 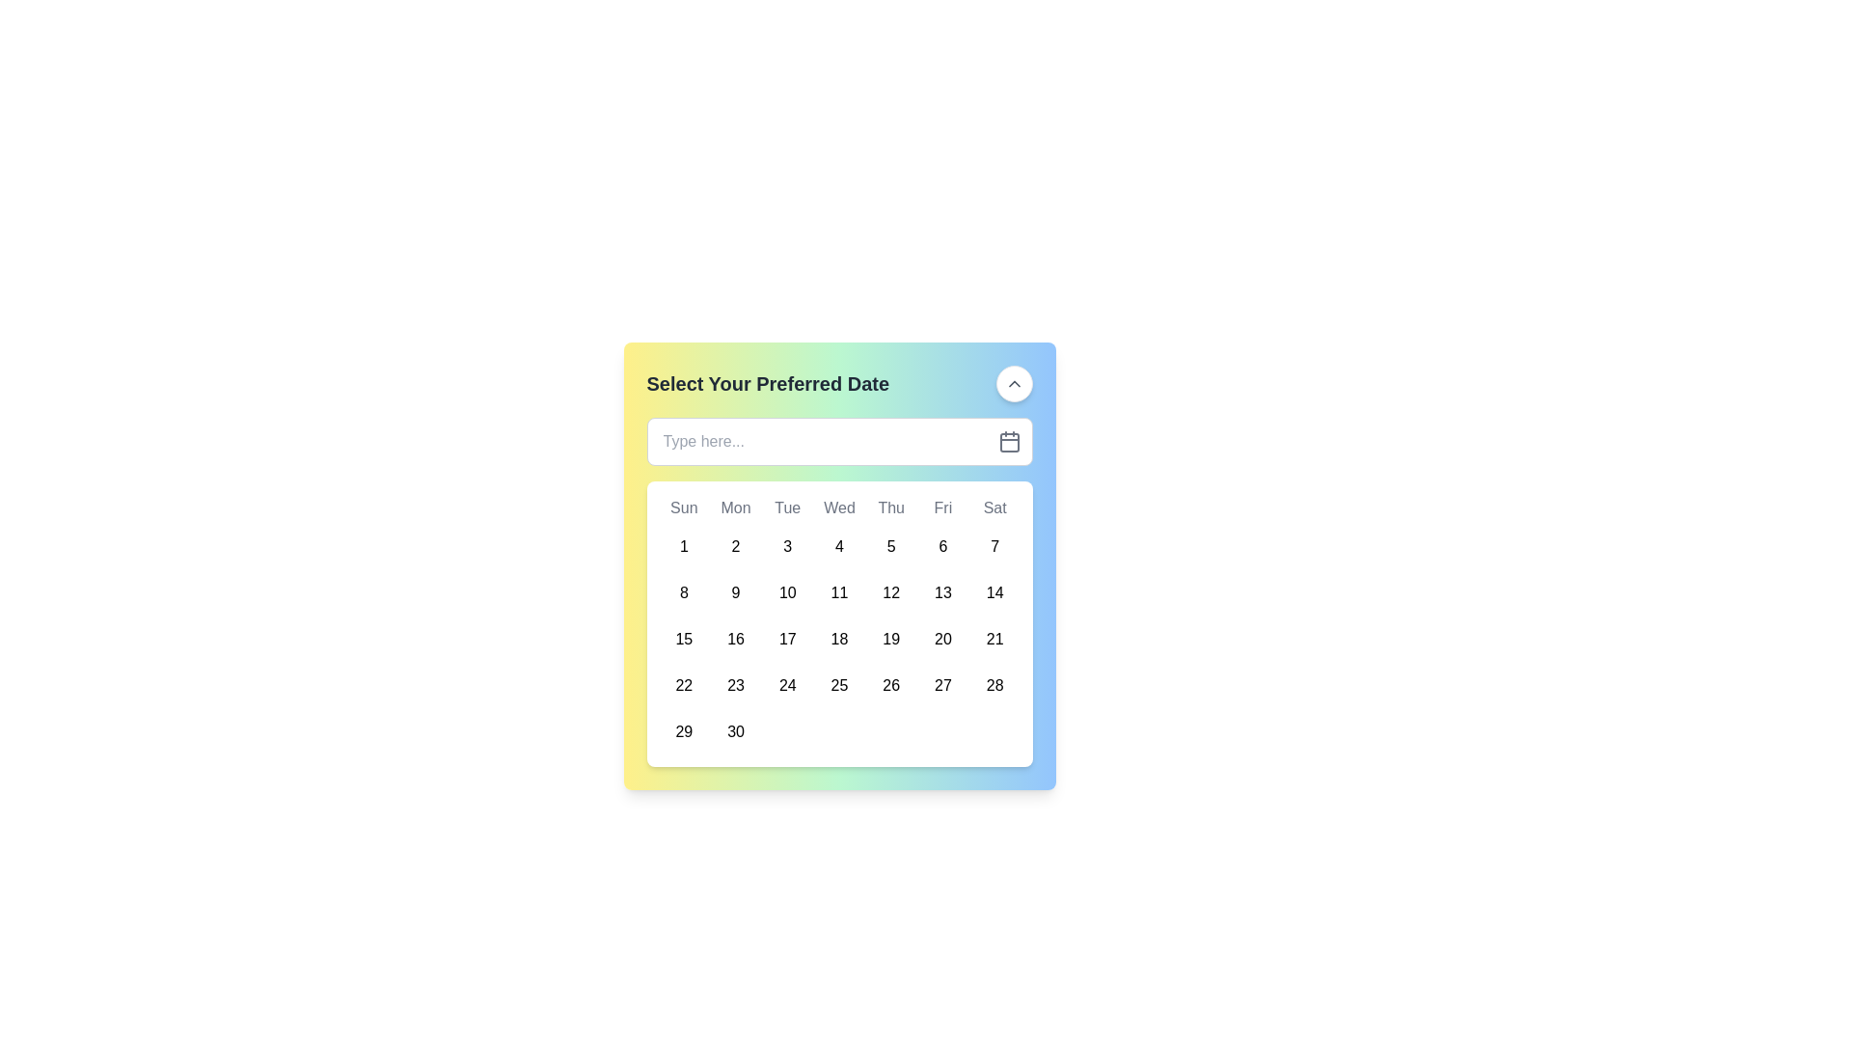 What do you see at coordinates (890, 547) in the screenshot?
I see `the button representing the date '5' in the calendar interface, located under the column labeled 'Thu' in the first row` at bounding box center [890, 547].